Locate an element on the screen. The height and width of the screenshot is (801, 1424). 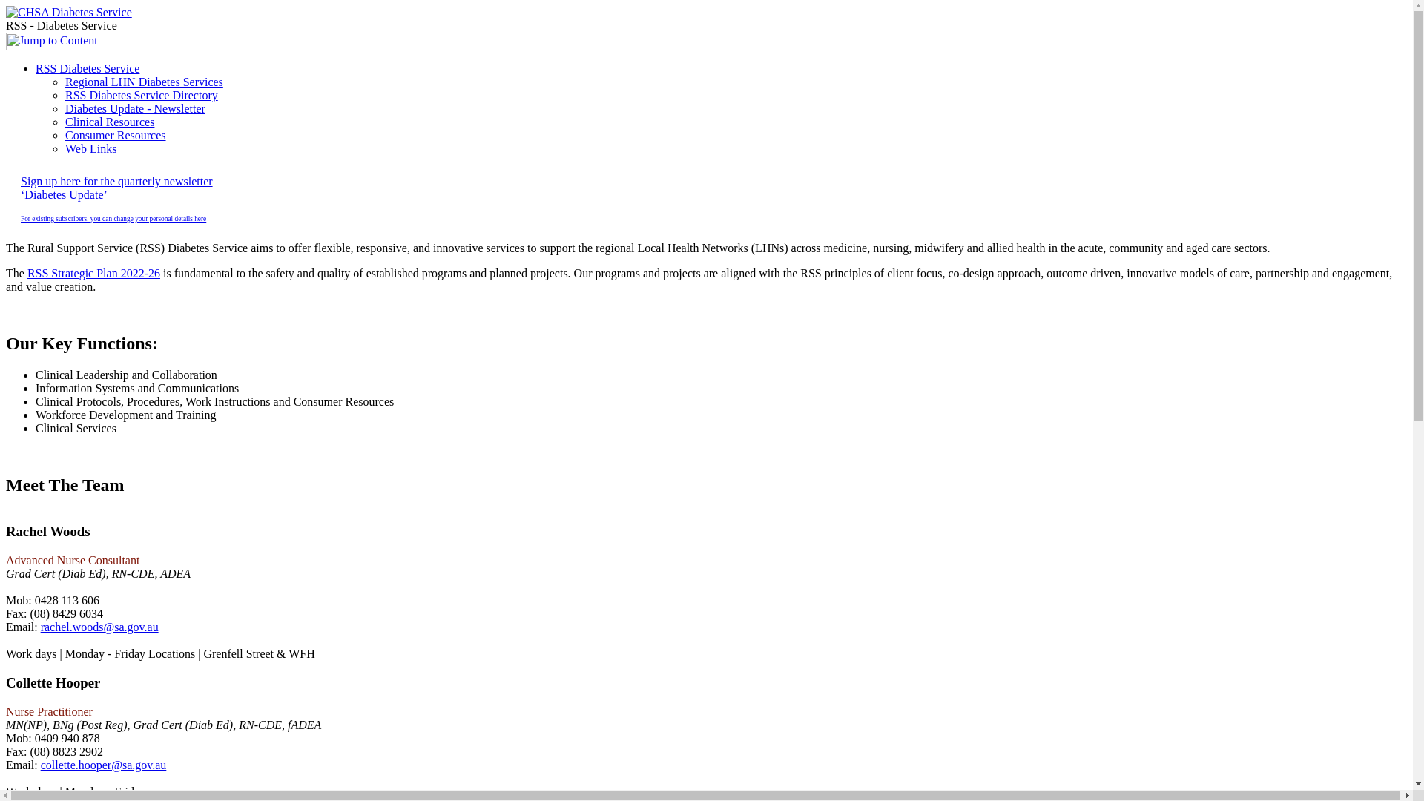
'Web Links' is located at coordinates (64, 148).